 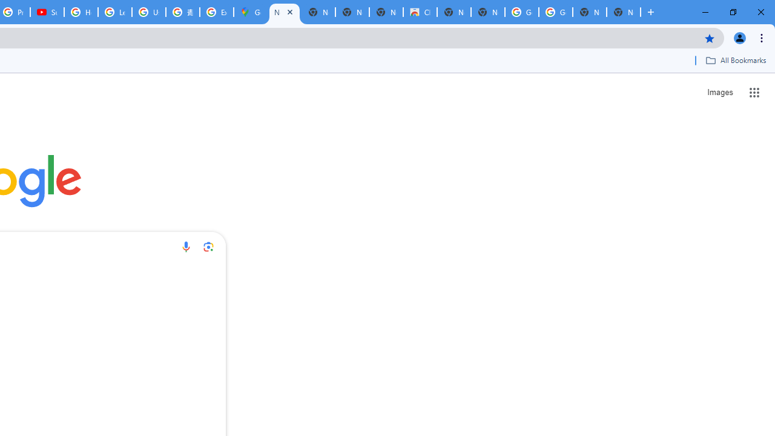 What do you see at coordinates (81, 12) in the screenshot?
I see `'How Chrome protects your passwords - Google Chrome Help'` at bounding box center [81, 12].